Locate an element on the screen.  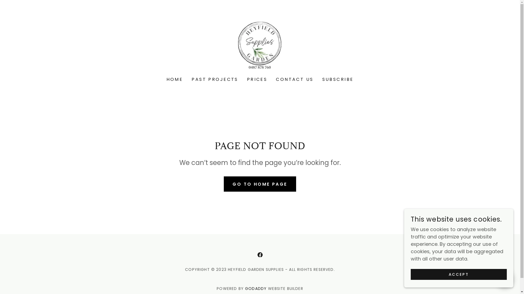
'PRICES' is located at coordinates (257, 79).